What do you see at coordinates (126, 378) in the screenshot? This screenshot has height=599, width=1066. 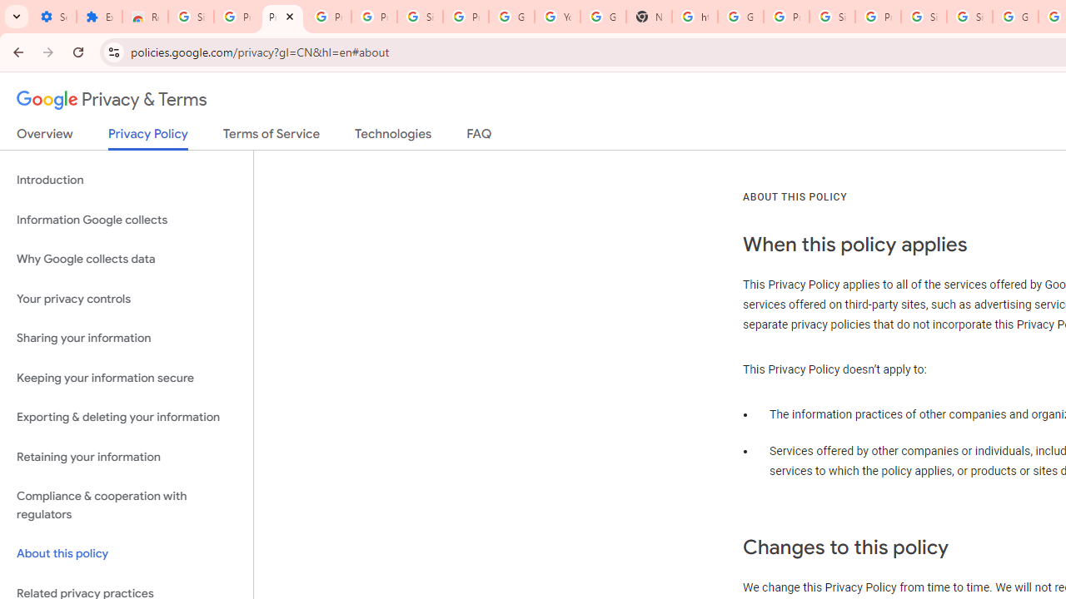 I see `'Keeping your information secure'` at bounding box center [126, 378].